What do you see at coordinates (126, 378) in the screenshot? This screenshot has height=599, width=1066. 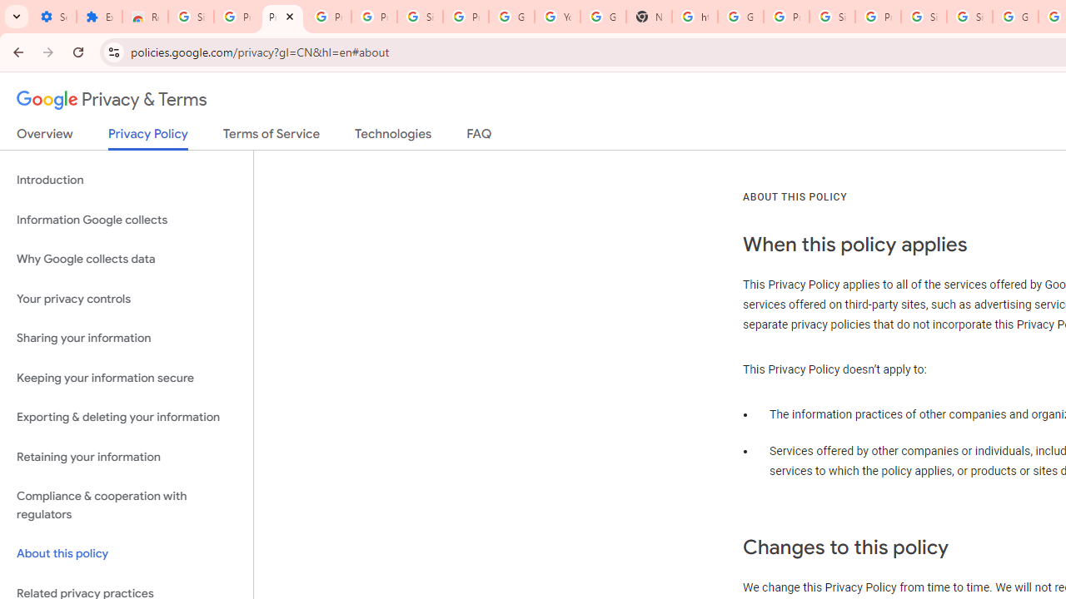 I see `'Keeping your information secure'` at bounding box center [126, 378].